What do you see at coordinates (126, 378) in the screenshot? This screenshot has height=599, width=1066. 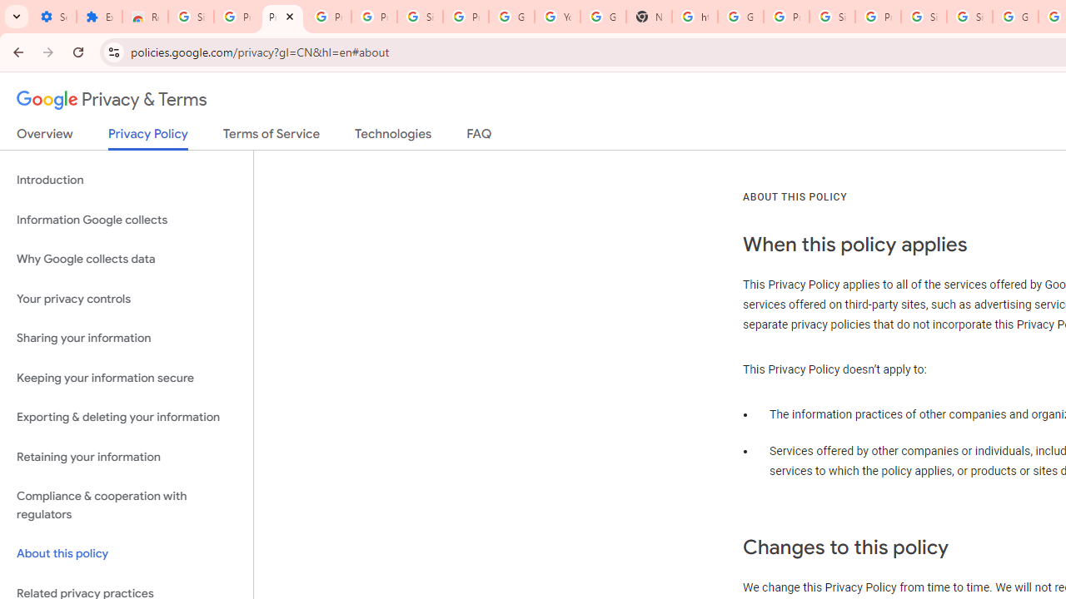 I see `'Keeping your information secure'` at bounding box center [126, 378].